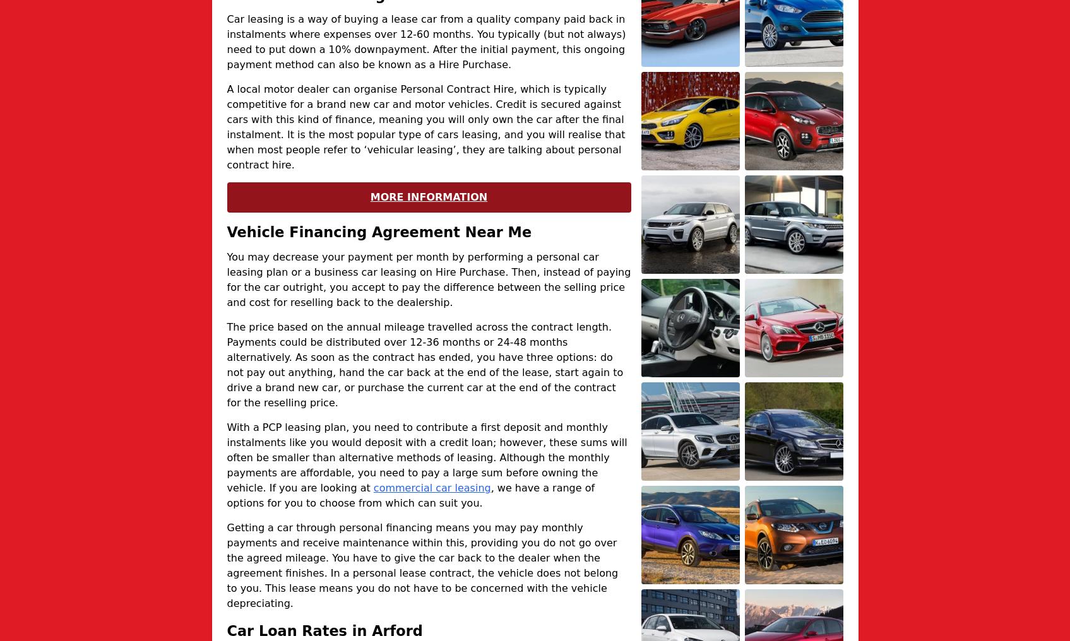 The image size is (1070, 641). What do you see at coordinates (410, 494) in the screenshot?
I see `', we have a range of options for you to choose from which can suit you.'` at bounding box center [410, 494].